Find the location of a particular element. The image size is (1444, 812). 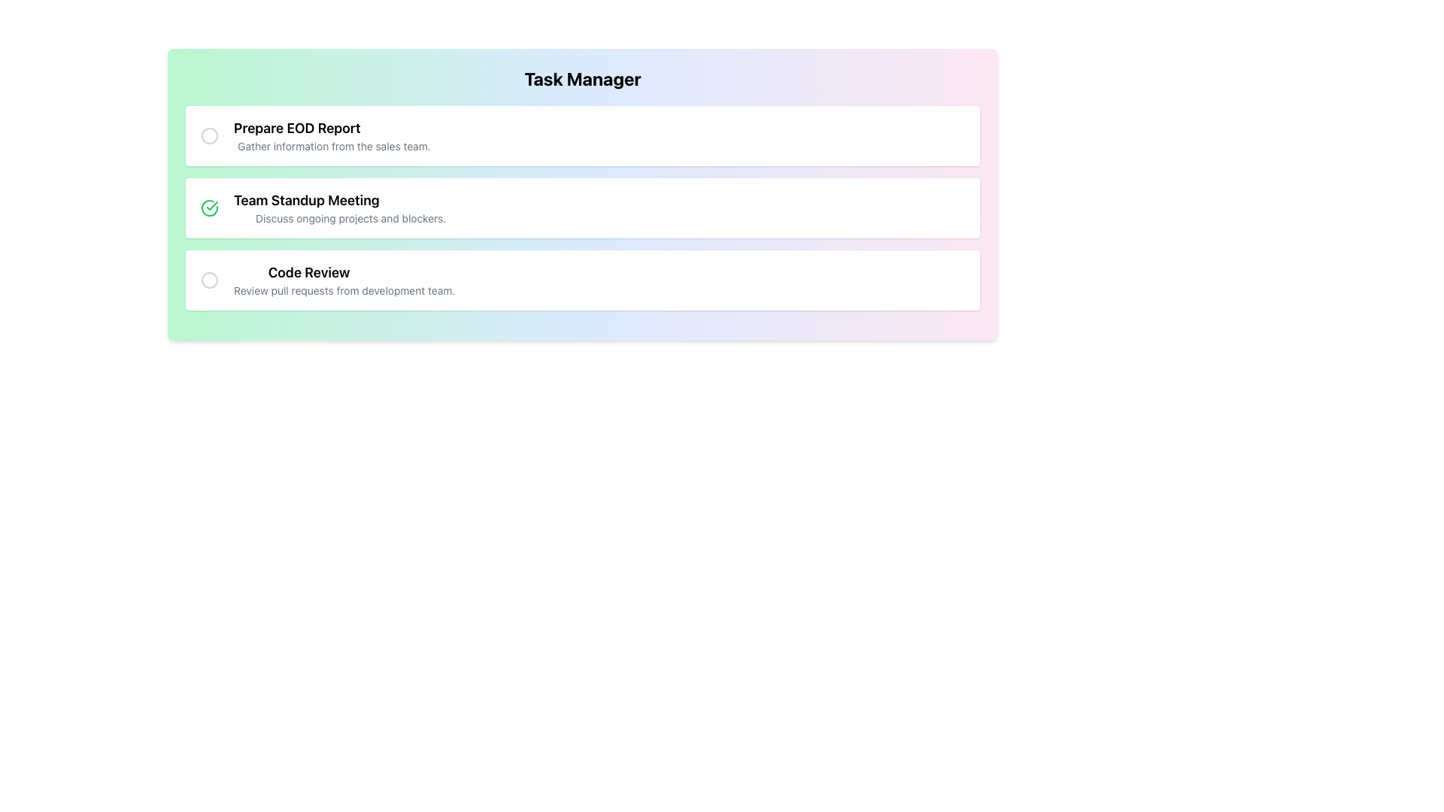

the circular icon styled with a border and hollow center, positioned to the left of the text 'Code Review' in the third task item is located at coordinates (208, 280).